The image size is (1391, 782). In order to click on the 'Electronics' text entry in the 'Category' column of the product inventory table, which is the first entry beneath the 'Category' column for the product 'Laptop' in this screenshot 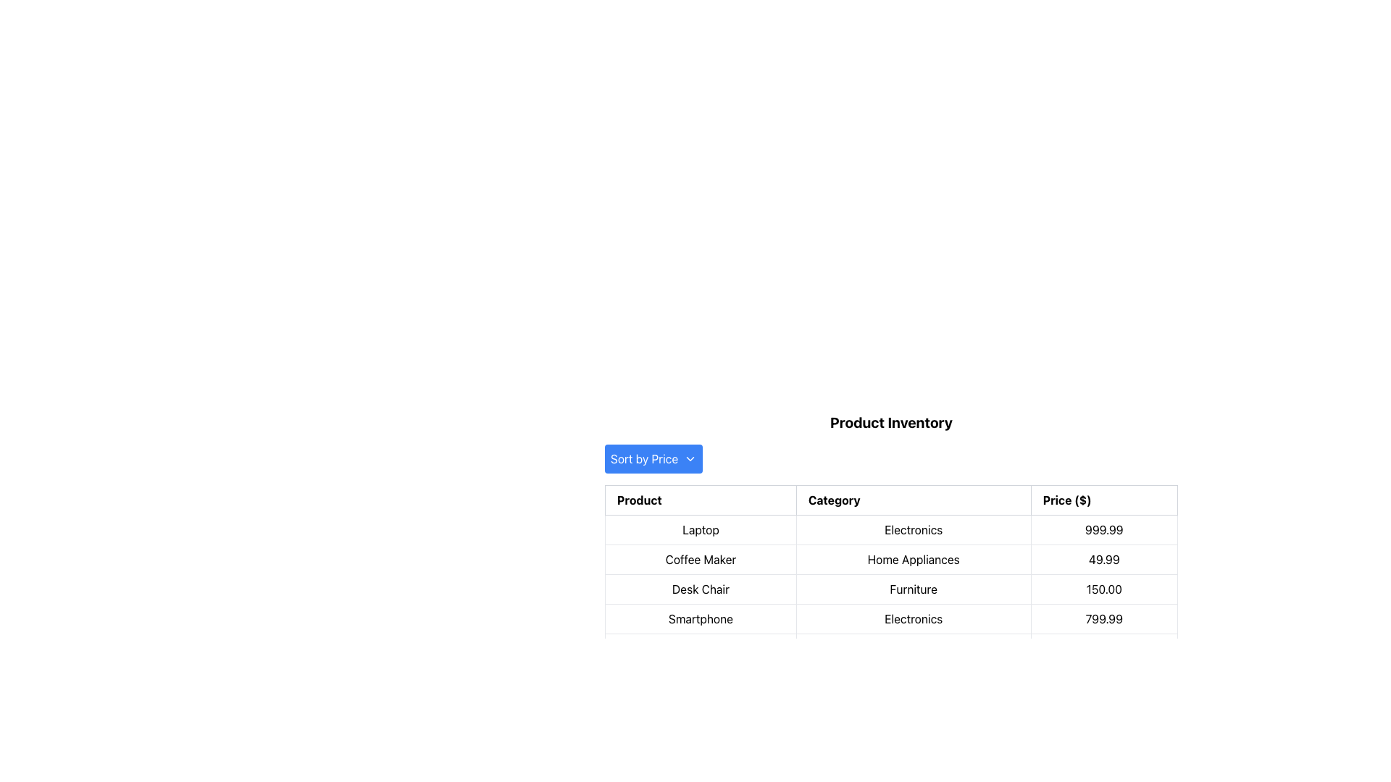, I will do `click(890, 538)`.